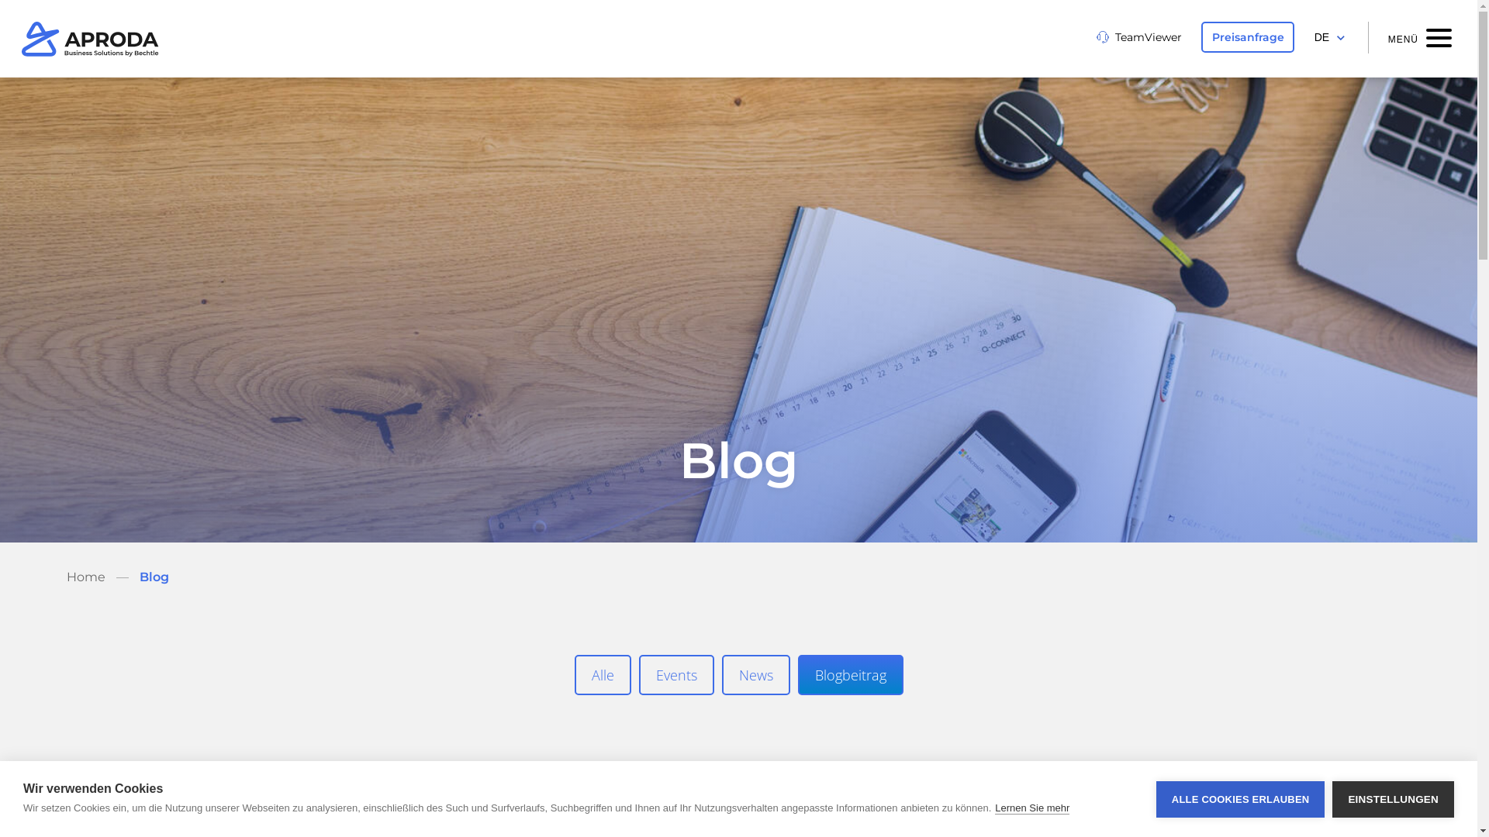 This screenshot has height=837, width=1489. Describe the element at coordinates (720, 674) in the screenshot. I see `'News'` at that location.